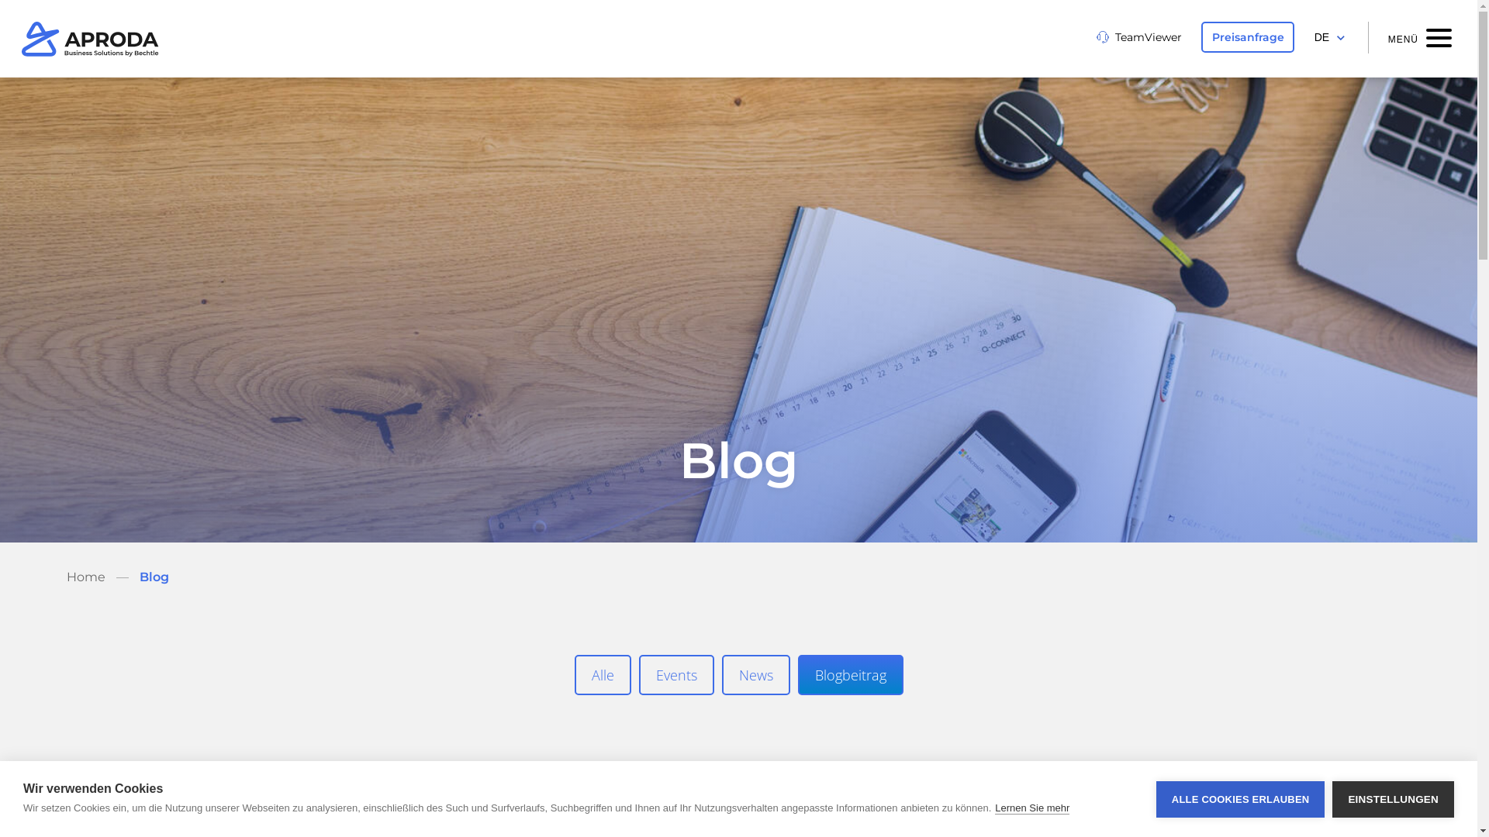 This screenshot has height=837, width=1489. Describe the element at coordinates (720, 674) in the screenshot. I see `'News'` at that location.